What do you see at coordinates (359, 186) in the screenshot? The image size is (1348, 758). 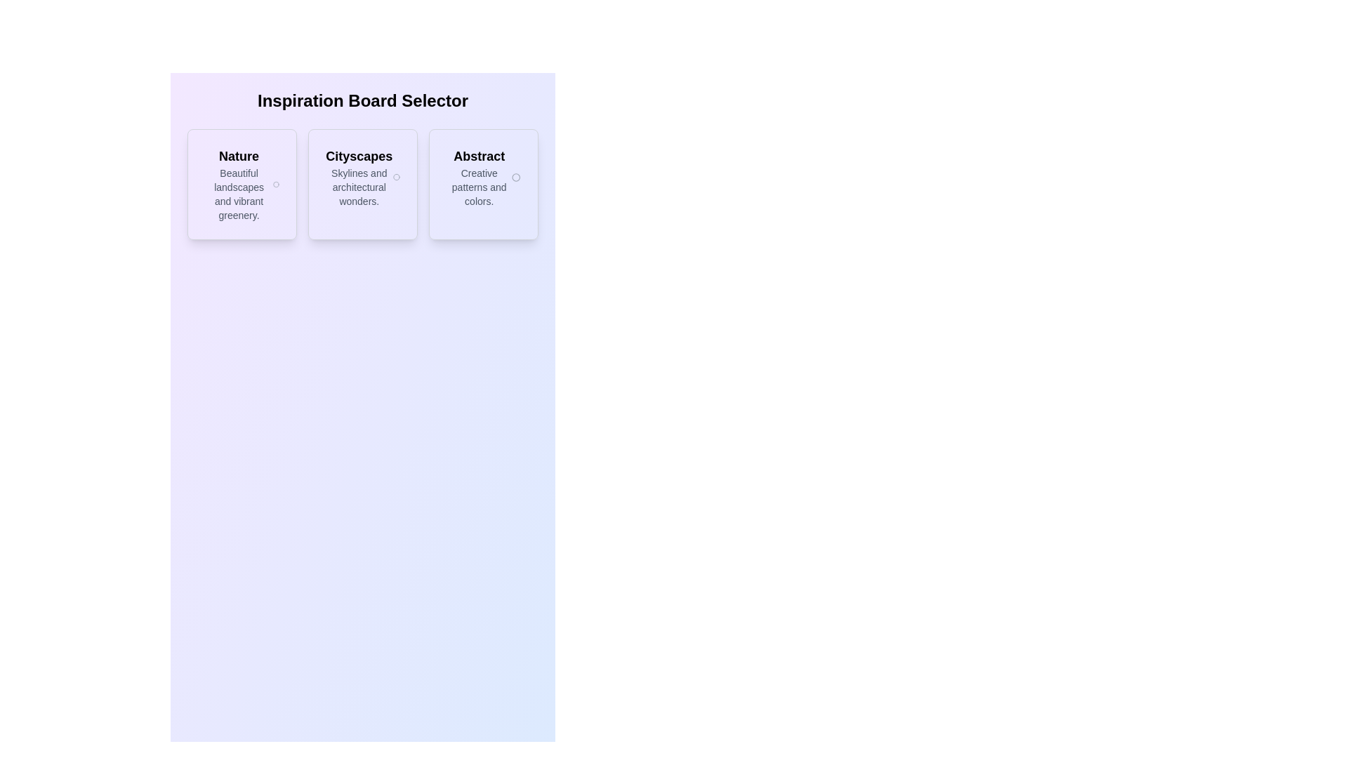 I see `the descriptive text label that provides information about the 'Cityscapes' option, located beneath the bold text 'Cityscapes' in the middle card of three horizontally aligned cards` at bounding box center [359, 186].